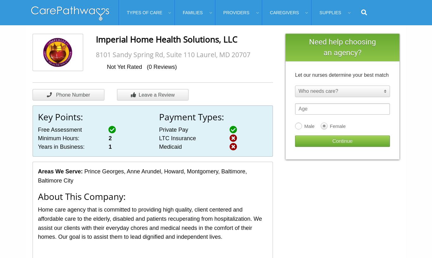 The image size is (432, 258). Describe the element at coordinates (61, 95) in the screenshot. I see `'Phone'` at that location.